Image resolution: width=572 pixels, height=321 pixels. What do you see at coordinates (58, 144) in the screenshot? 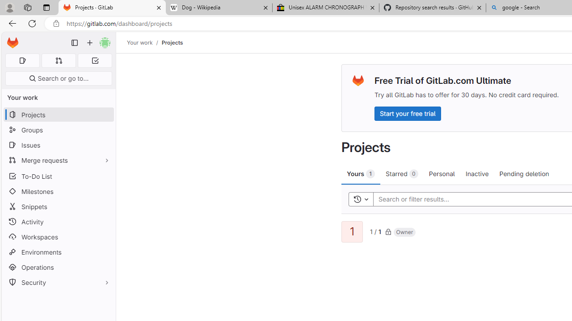
I see `'Issues'` at bounding box center [58, 144].